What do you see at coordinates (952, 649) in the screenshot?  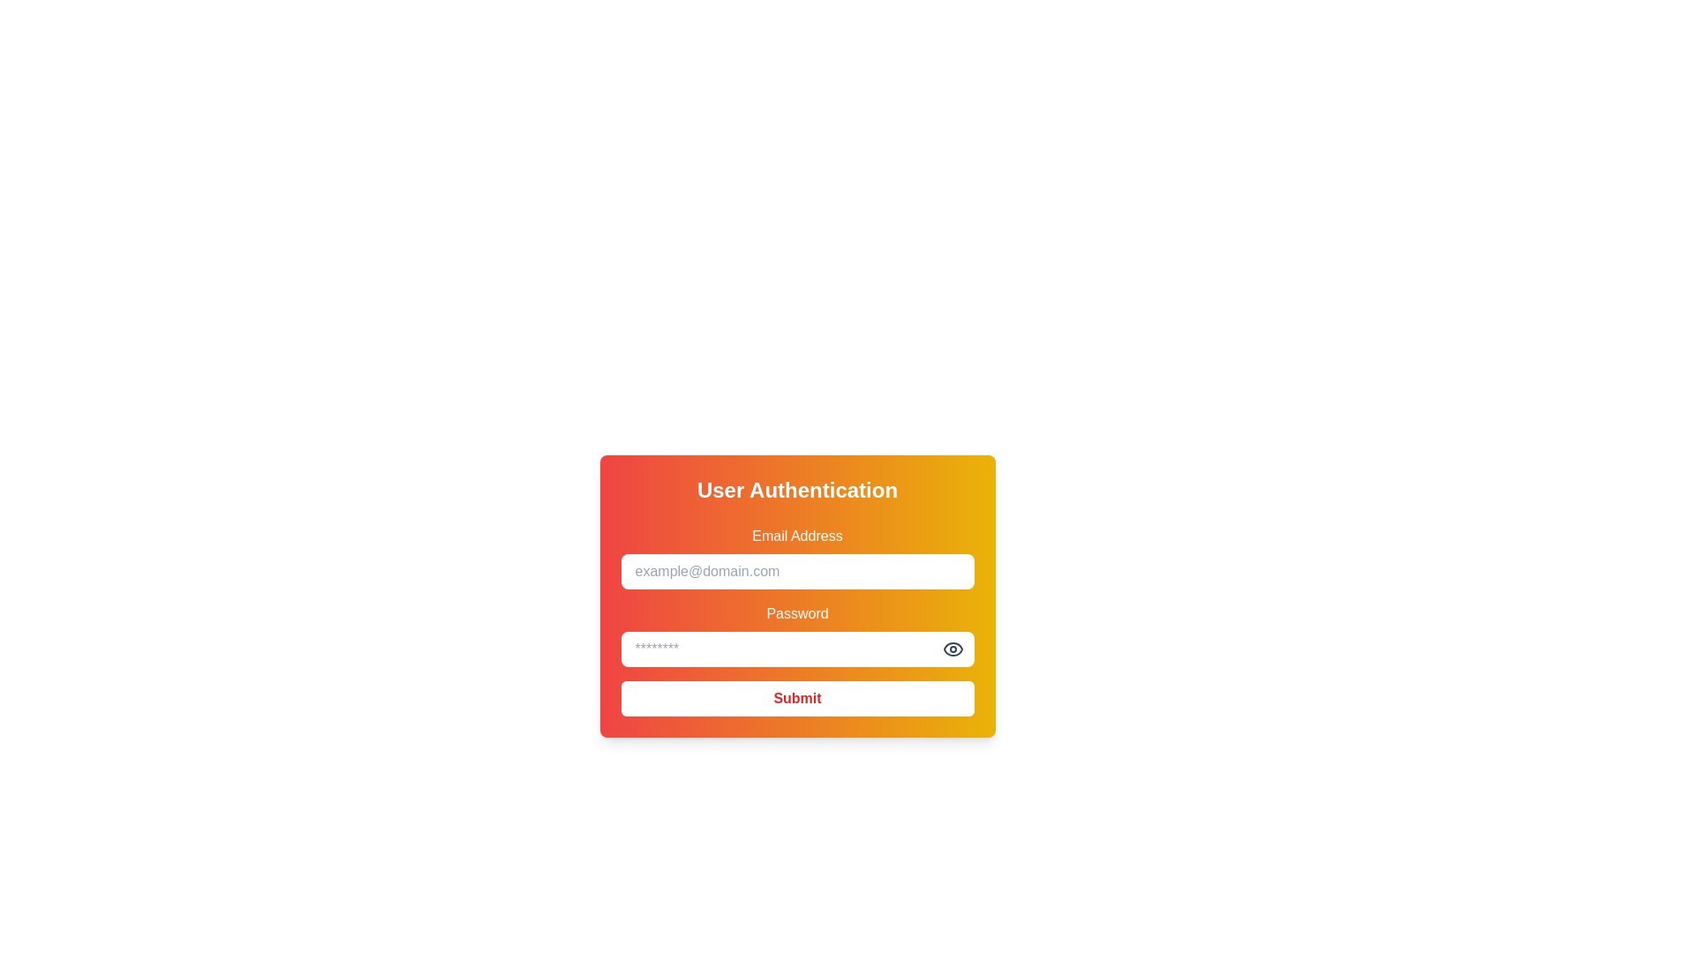 I see `the small circular button with an eye icon, located on the right side of the password input field` at bounding box center [952, 649].